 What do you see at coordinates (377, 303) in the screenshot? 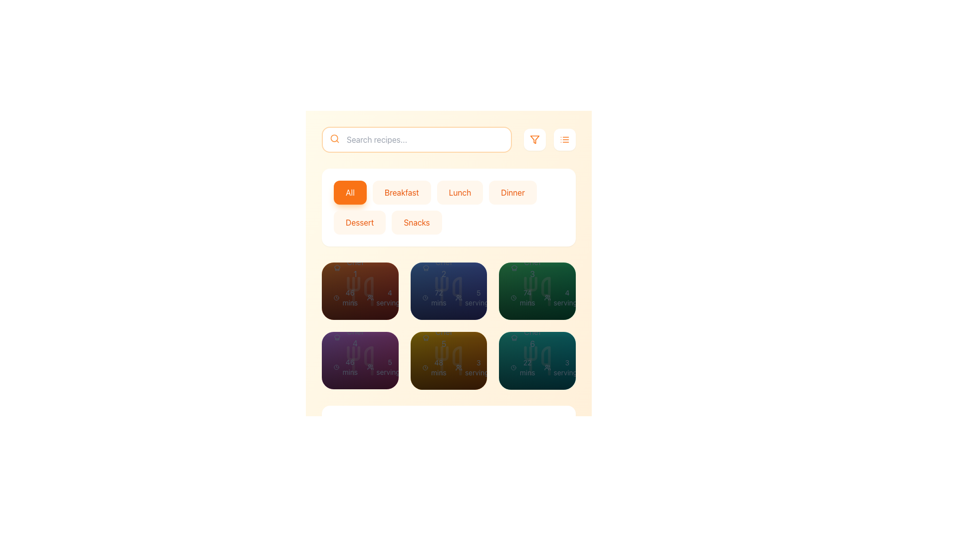
I see `the Text Label that indicates the rating or score associated with the recipe, located in the information panel of the recipe card near the star icon` at bounding box center [377, 303].